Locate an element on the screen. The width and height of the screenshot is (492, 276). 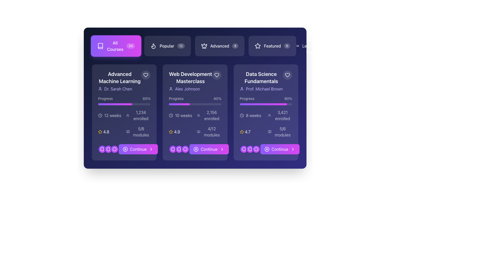
progress completion is located at coordinates (136, 104).